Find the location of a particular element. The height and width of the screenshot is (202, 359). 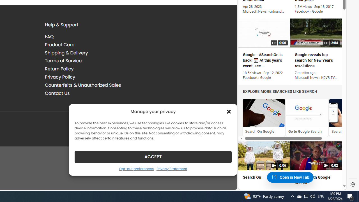

'Shipping & Delivery' is located at coordinates (66, 52).